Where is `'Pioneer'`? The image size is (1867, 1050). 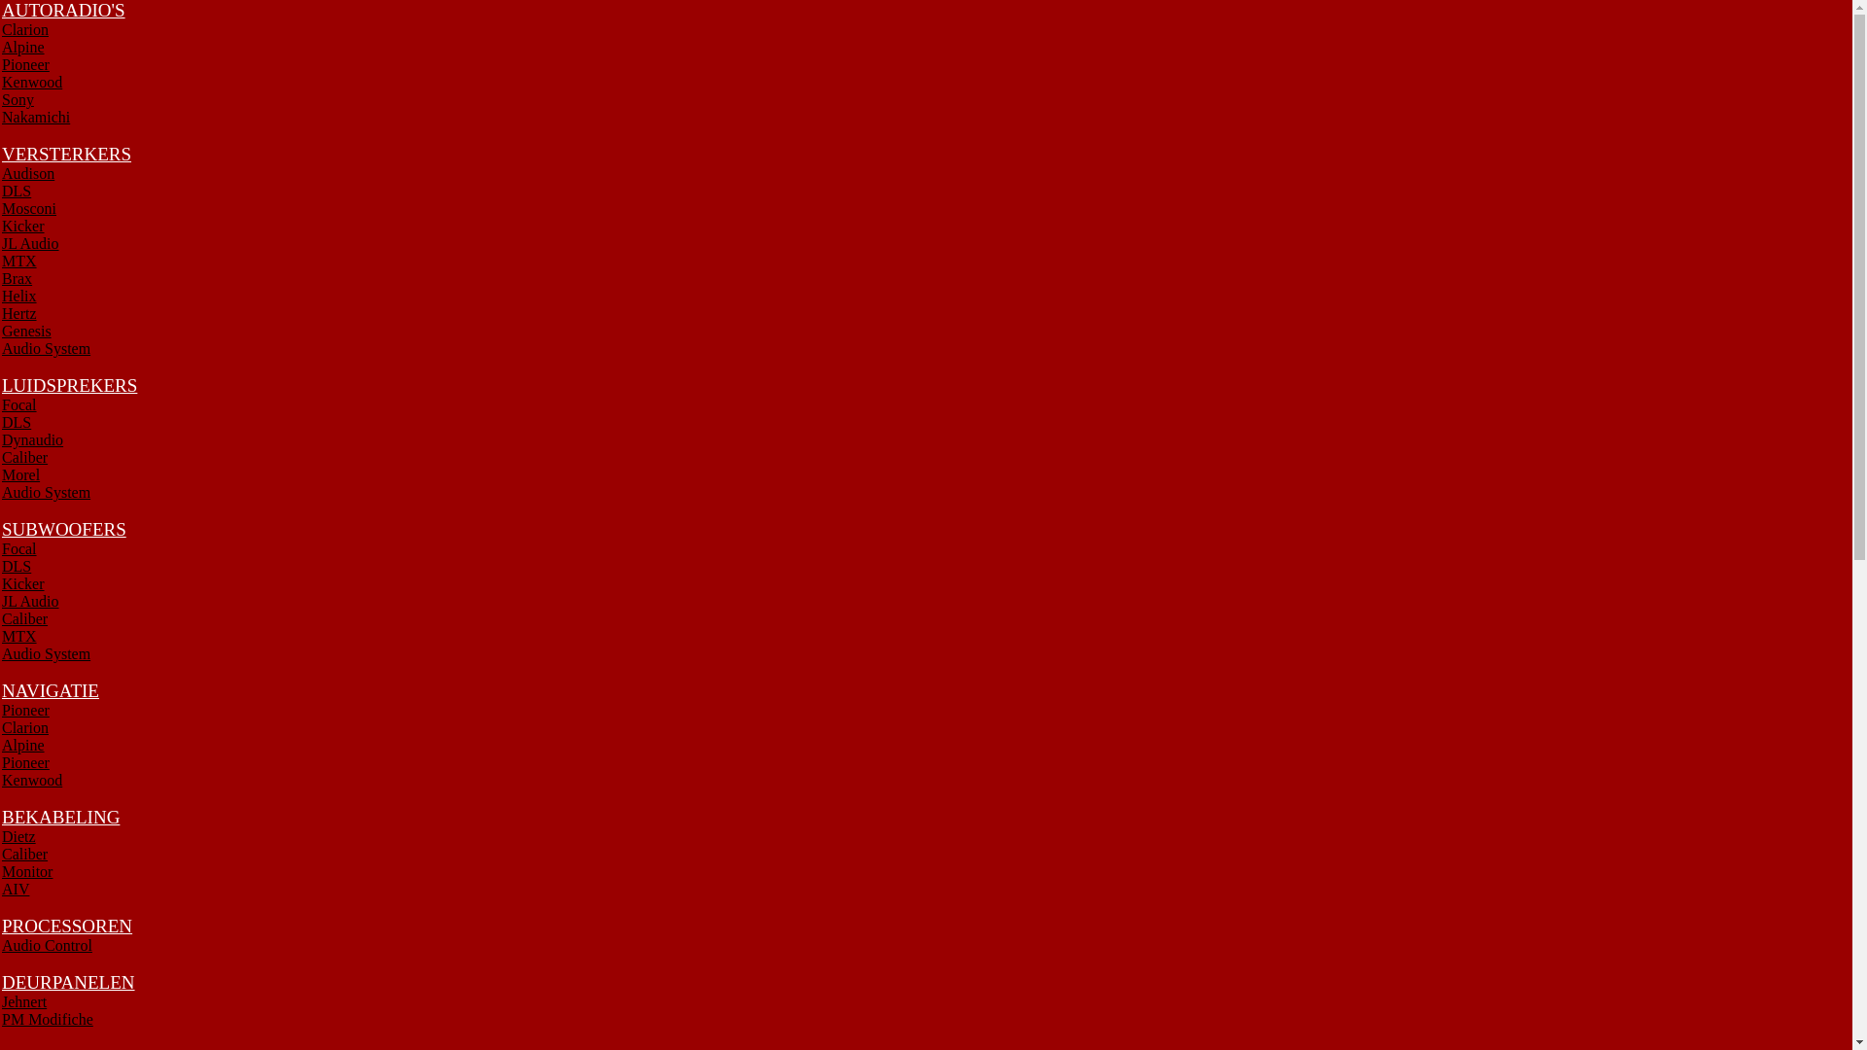
'Pioneer' is located at coordinates (25, 710).